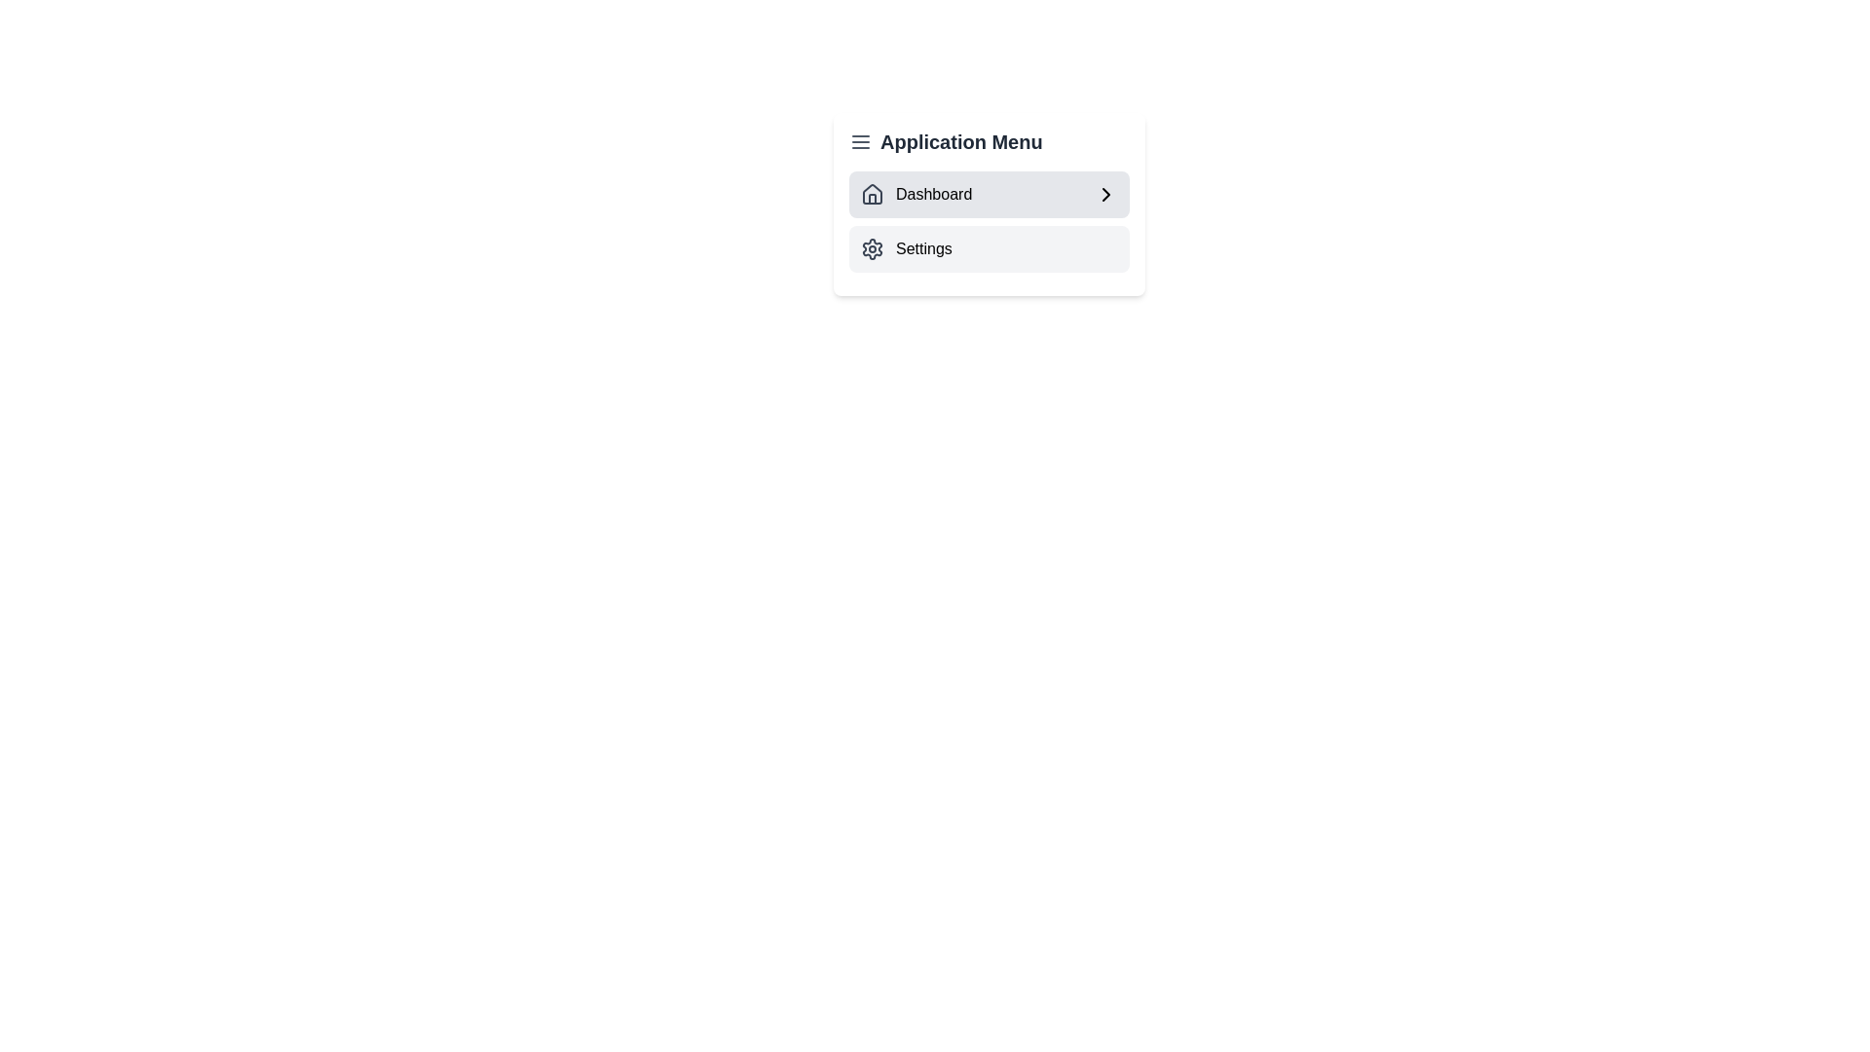 This screenshot has height=1052, width=1870. What do you see at coordinates (916, 195) in the screenshot?
I see `the 'Dashboard' navigation link element, which is styled with medium font weight and positioned alongside a house icon` at bounding box center [916, 195].